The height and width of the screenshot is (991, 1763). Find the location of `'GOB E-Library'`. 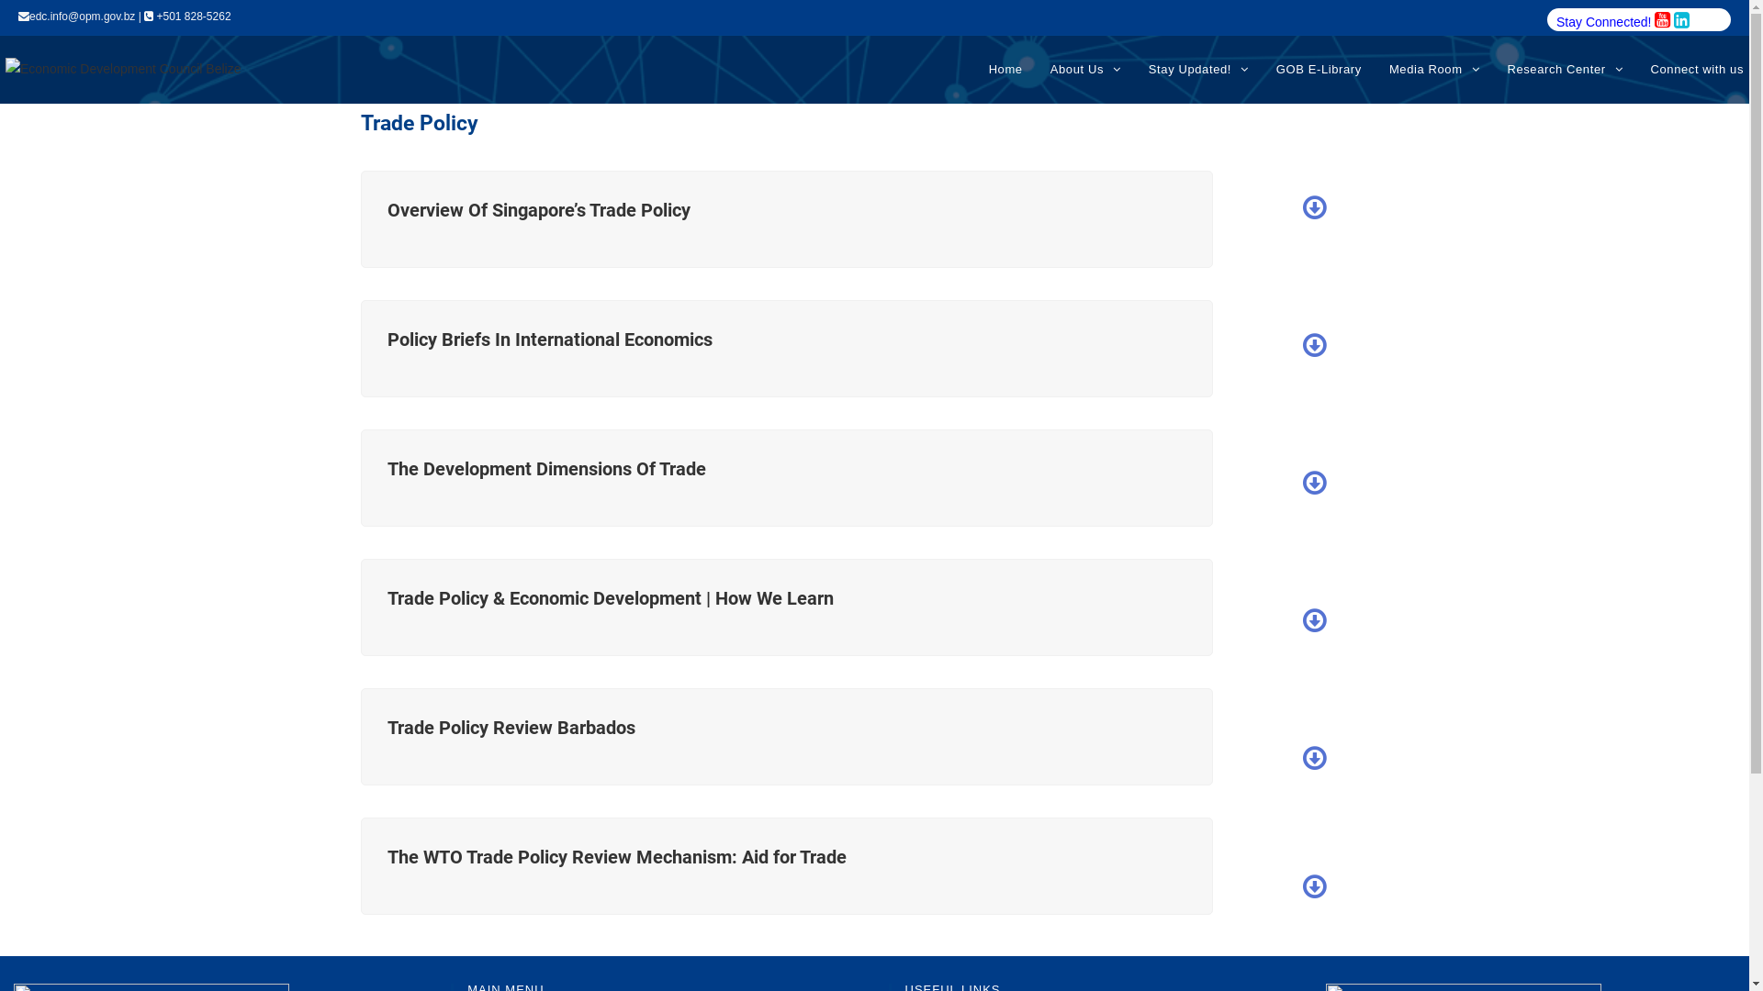

'GOB E-Library' is located at coordinates (1318, 69).